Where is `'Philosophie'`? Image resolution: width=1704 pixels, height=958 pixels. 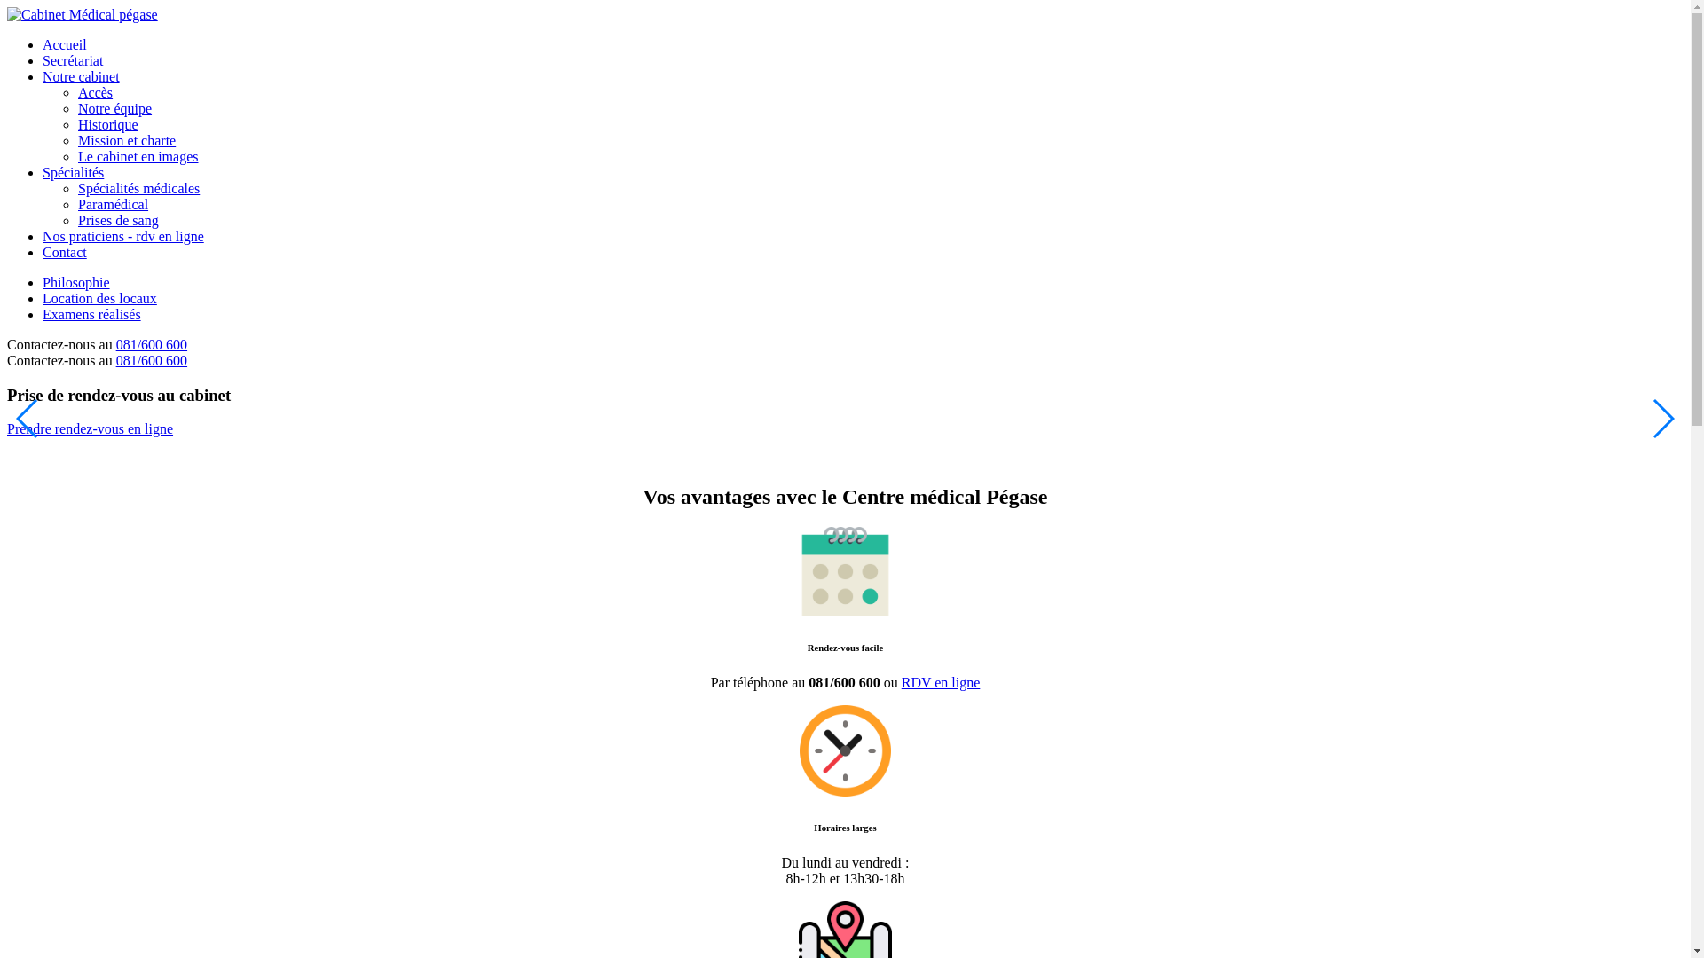 'Philosophie' is located at coordinates (75, 281).